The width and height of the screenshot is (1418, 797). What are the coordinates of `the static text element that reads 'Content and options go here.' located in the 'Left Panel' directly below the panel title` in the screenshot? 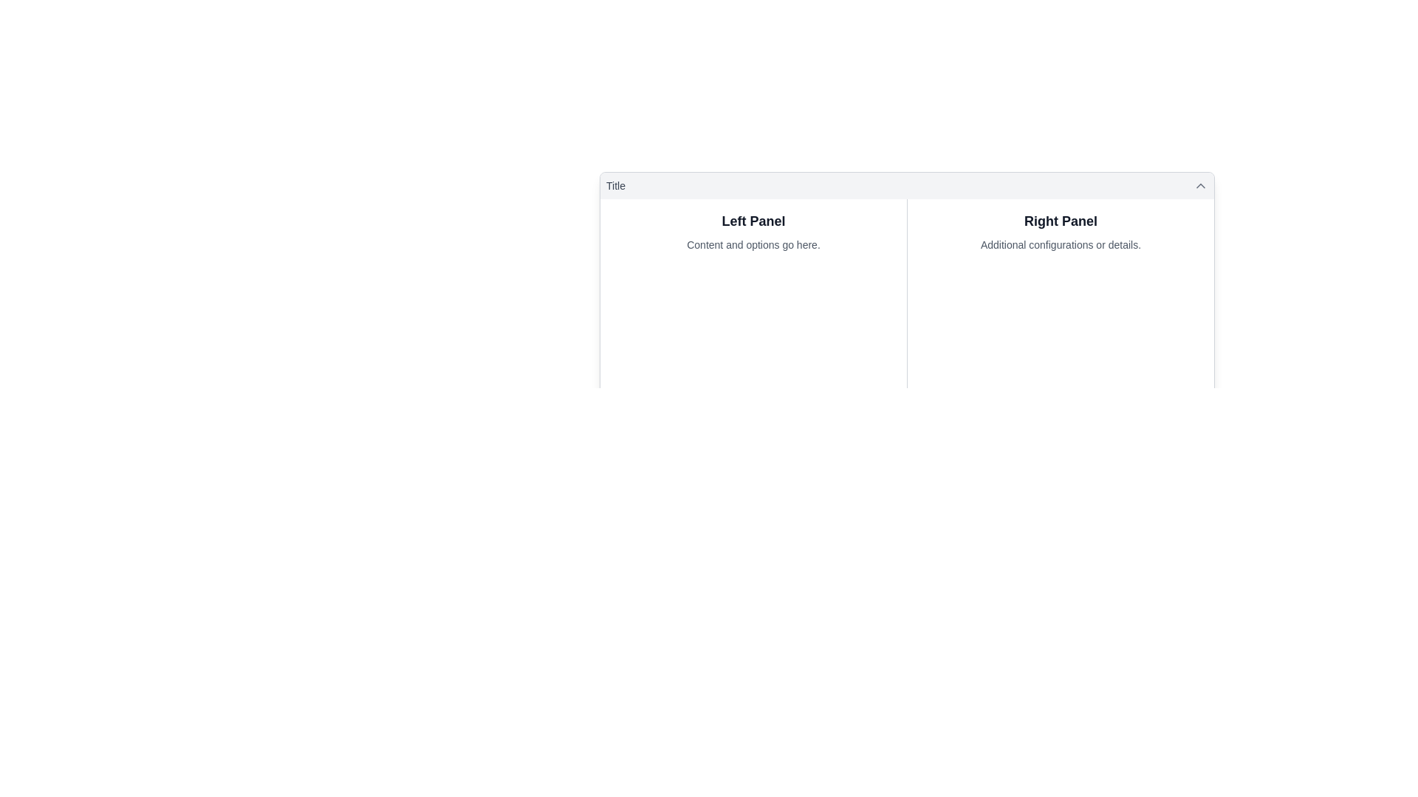 It's located at (753, 244).